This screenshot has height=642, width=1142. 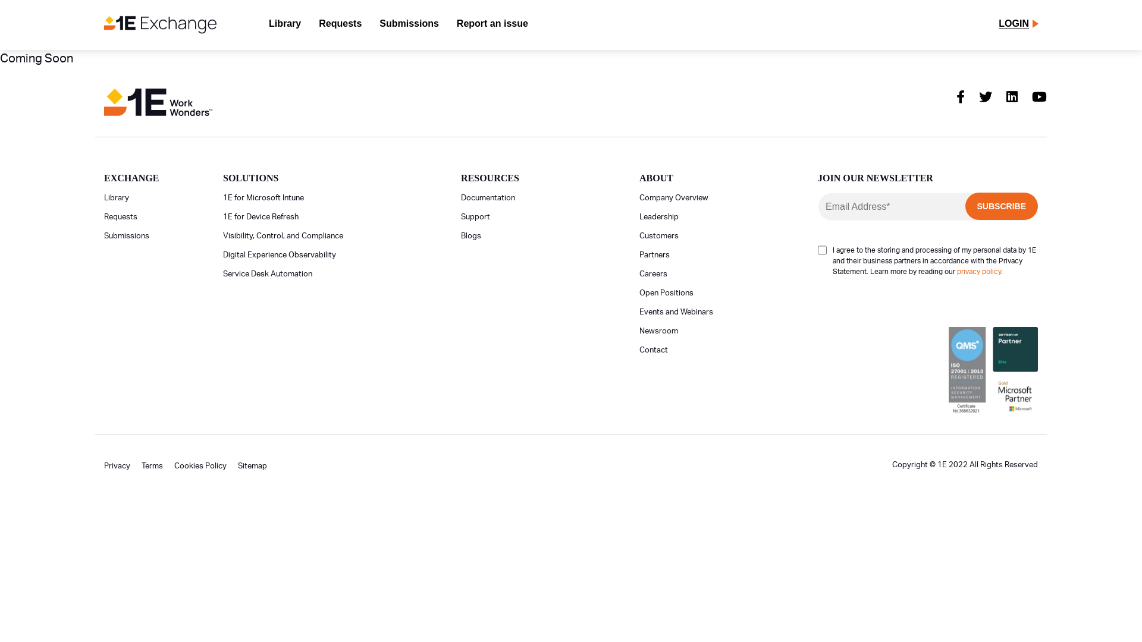 I want to click on 'Submissions', so click(x=126, y=236).